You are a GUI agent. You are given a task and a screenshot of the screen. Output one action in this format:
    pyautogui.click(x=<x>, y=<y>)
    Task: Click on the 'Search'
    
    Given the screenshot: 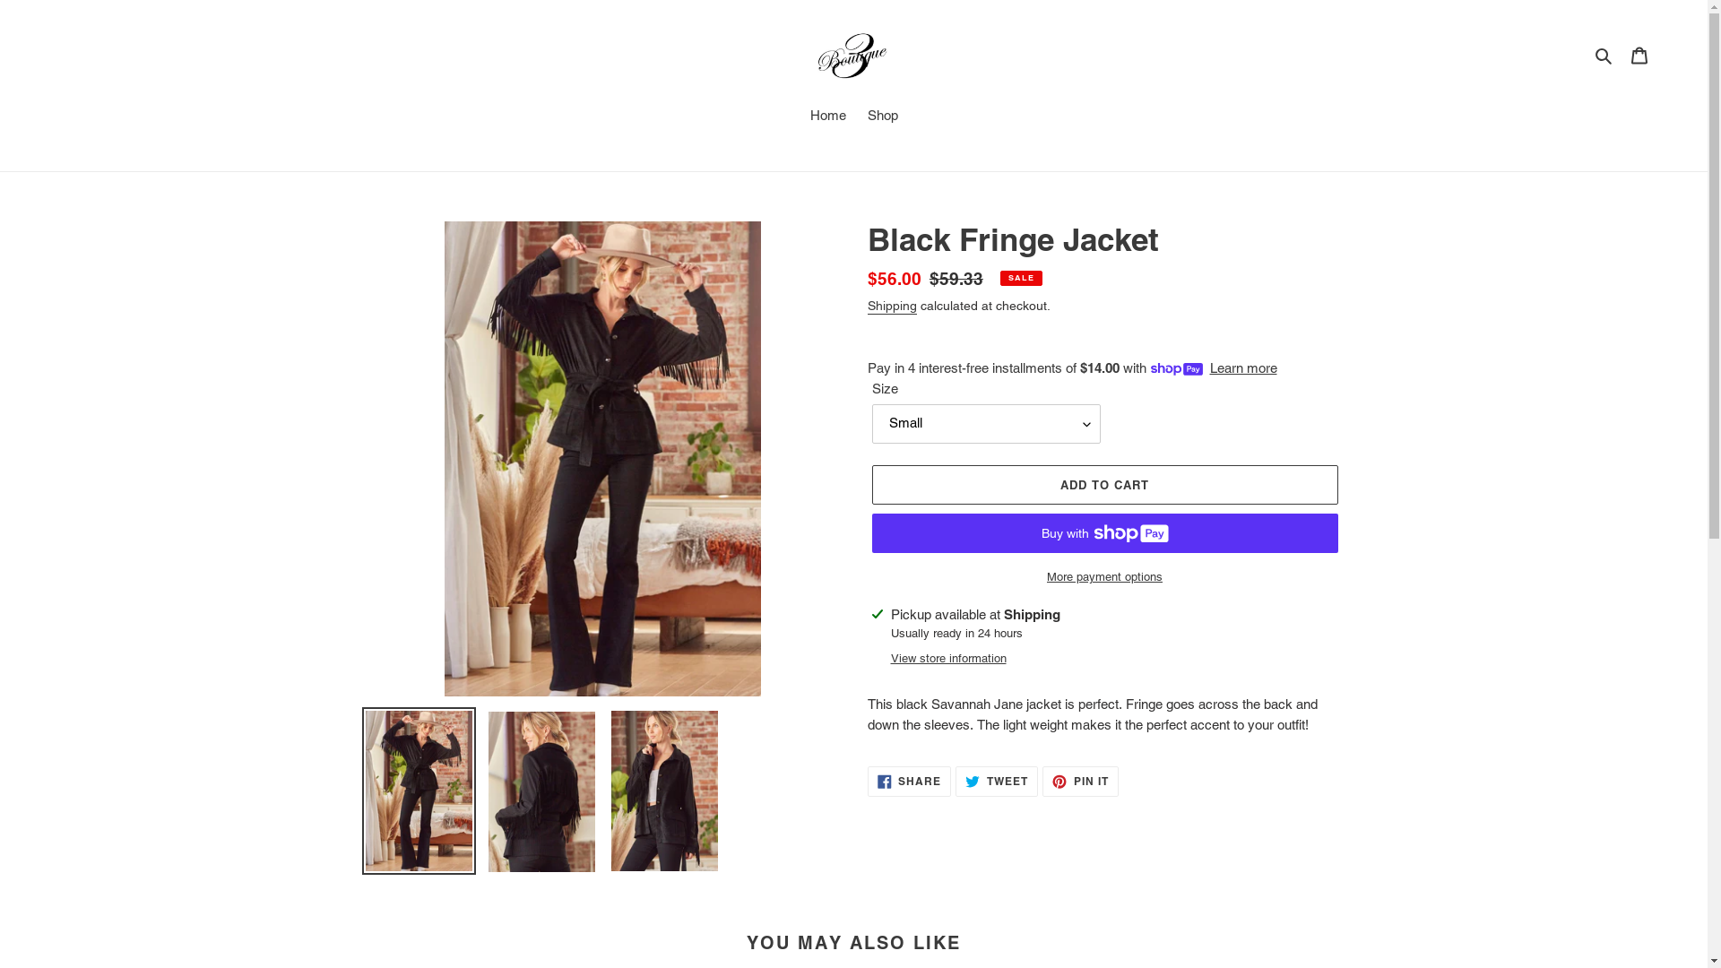 What is the action you would take?
    pyautogui.click(x=1604, y=54)
    